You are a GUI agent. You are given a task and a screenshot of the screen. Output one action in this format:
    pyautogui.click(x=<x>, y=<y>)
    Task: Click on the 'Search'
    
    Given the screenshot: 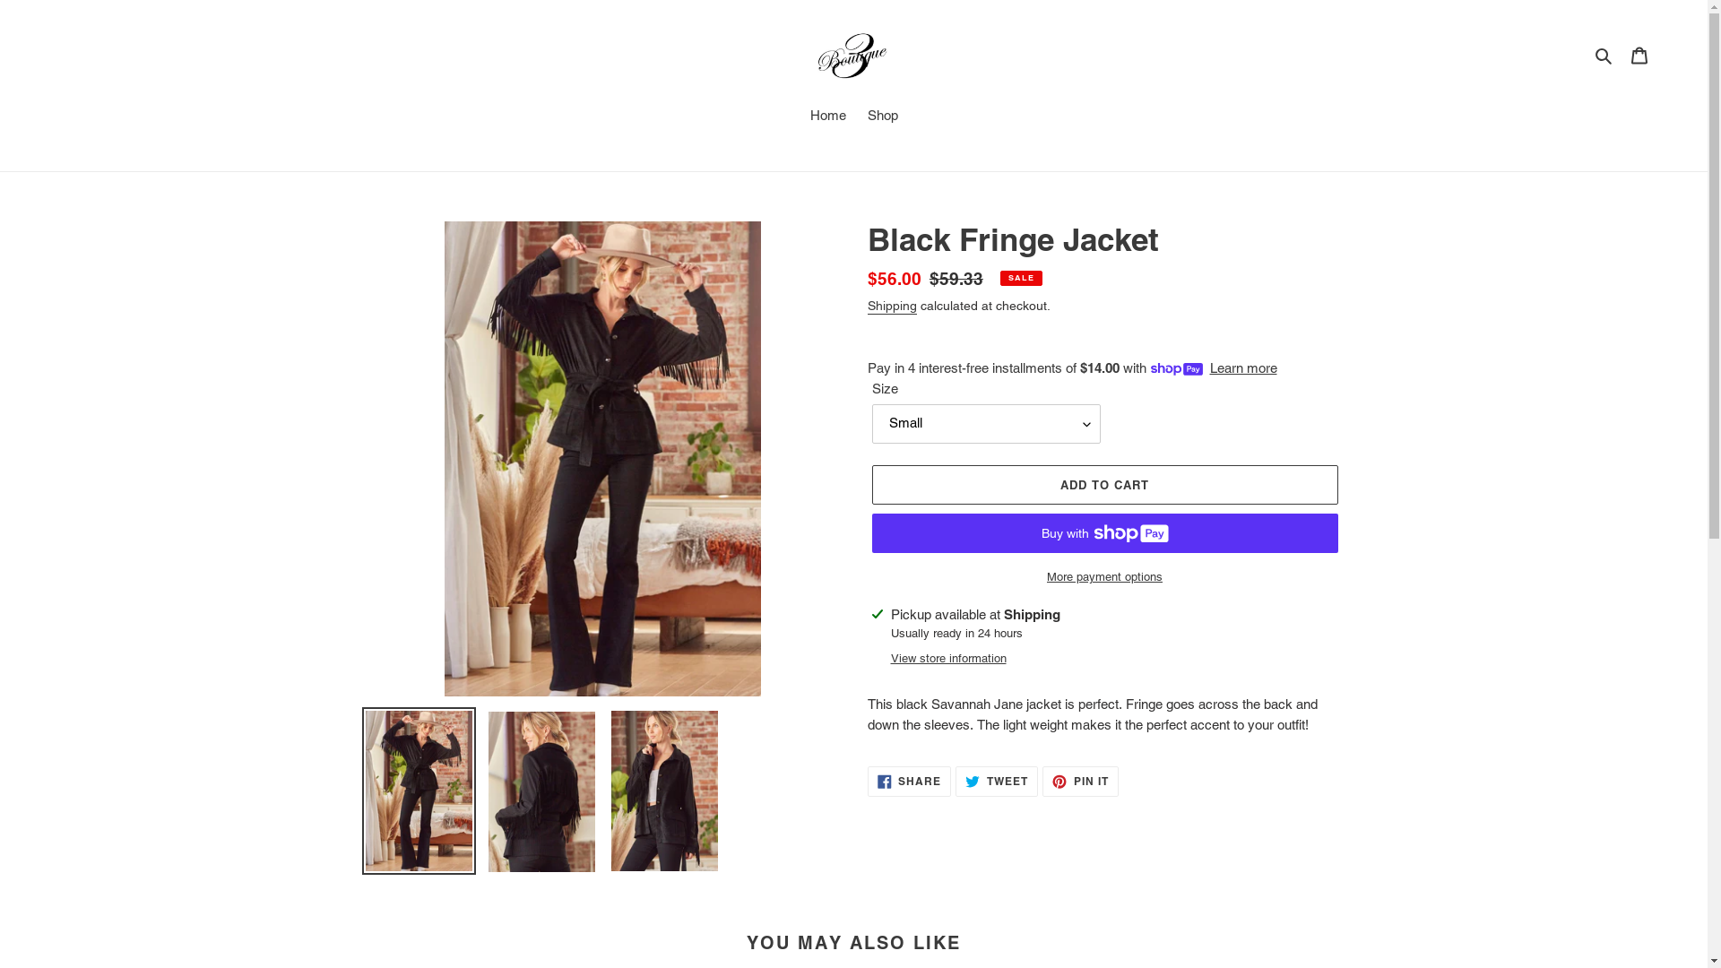 What is the action you would take?
    pyautogui.click(x=1604, y=54)
    